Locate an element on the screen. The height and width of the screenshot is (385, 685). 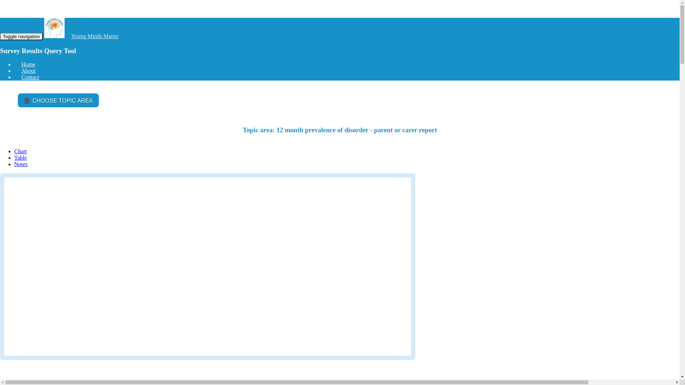
'Chart' is located at coordinates (20, 151).